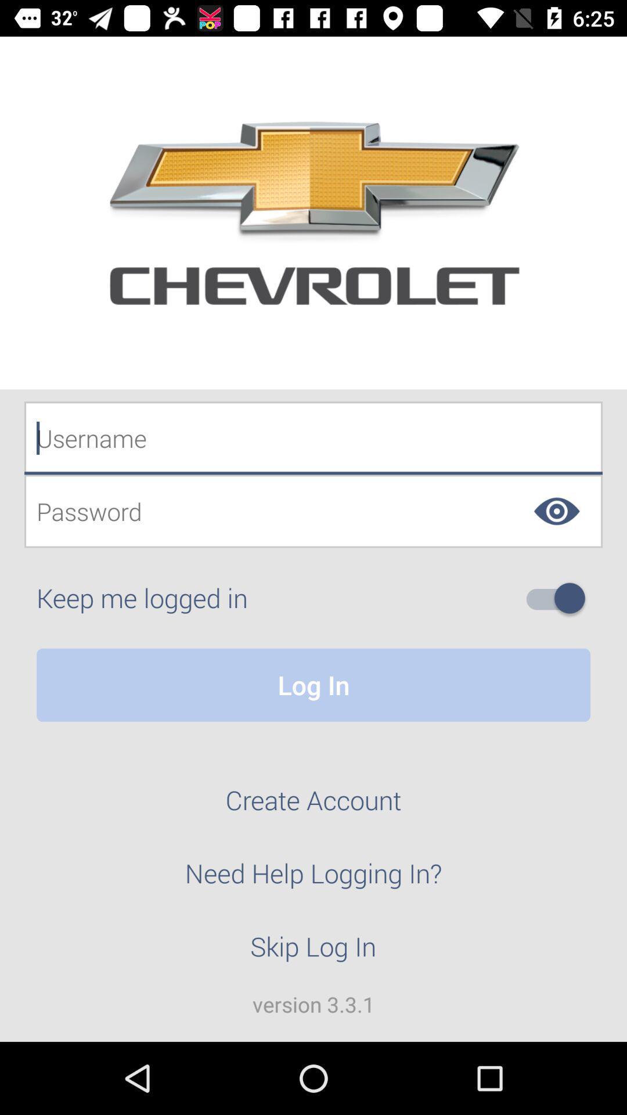 This screenshot has width=627, height=1115. Describe the element at coordinates (313, 511) in the screenshot. I see `your password` at that location.